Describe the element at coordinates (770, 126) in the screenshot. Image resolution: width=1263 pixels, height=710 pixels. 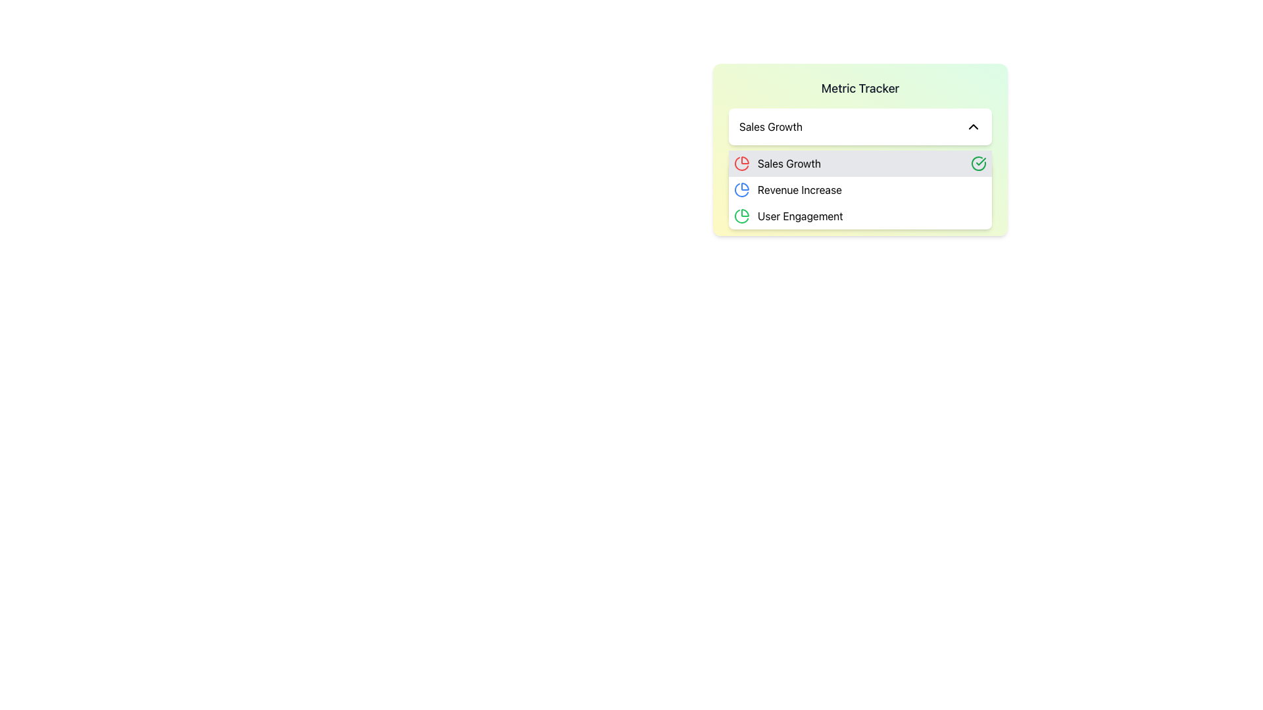
I see `the 'Sales Growth' label in the dropdown component under the 'Metric Tracker' header` at that location.